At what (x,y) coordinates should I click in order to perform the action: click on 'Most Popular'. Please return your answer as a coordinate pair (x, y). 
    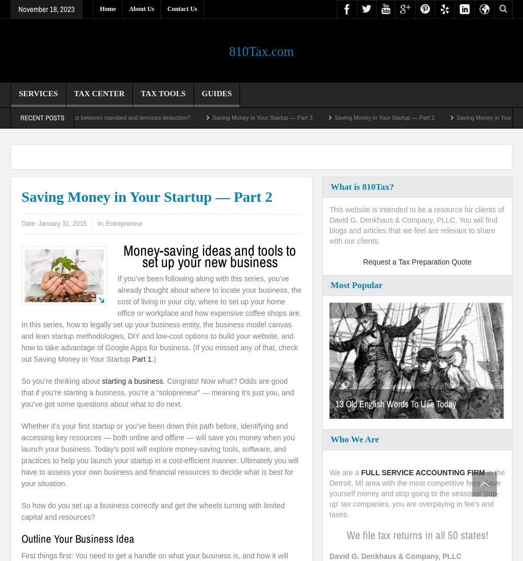
    Looking at the image, I should click on (356, 285).